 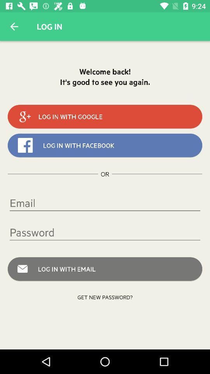 I want to click on item below or, so click(x=105, y=202).